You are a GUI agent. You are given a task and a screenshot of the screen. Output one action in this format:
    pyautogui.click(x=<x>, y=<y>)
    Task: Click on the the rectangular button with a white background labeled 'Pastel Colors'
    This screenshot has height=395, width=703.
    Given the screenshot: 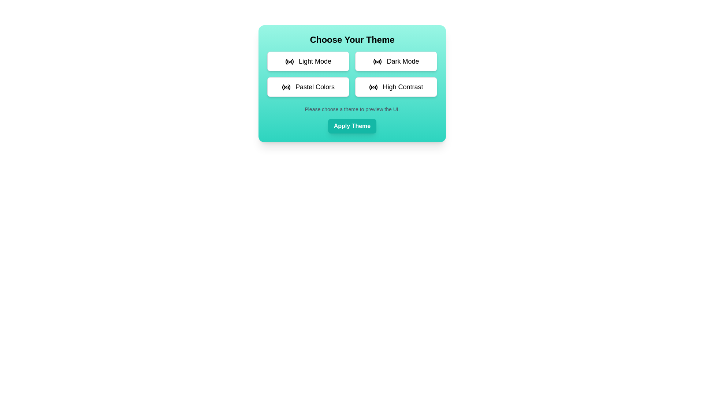 What is the action you would take?
    pyautogui.click(x=308, y=87)
    